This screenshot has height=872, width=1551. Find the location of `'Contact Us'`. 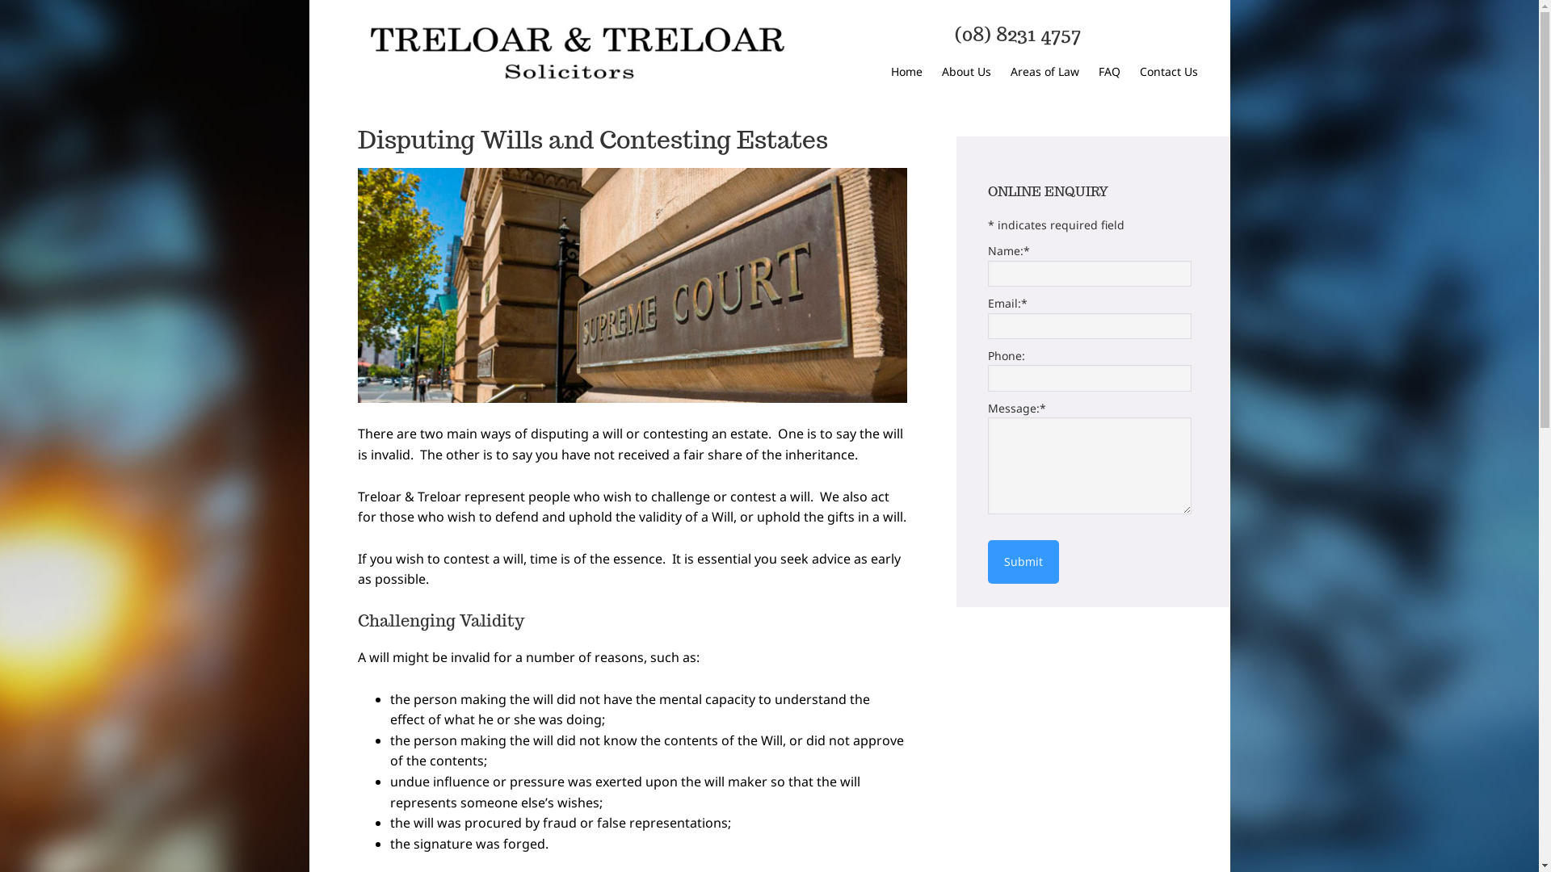

'Contact Us' is located at coordinates (1167, 73).